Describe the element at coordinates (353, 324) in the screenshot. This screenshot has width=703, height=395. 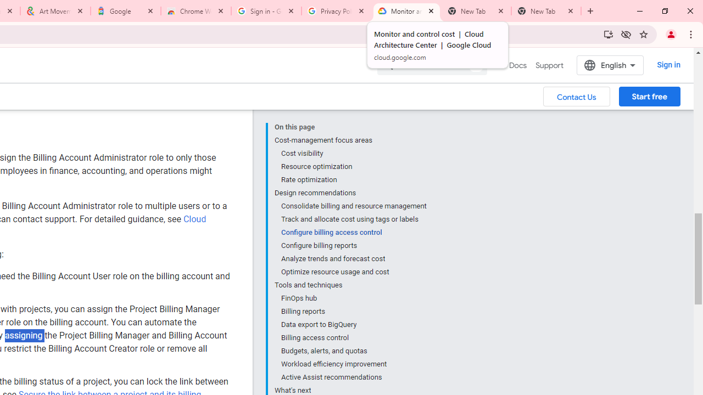
I see `'Data export to BigQuery'` at that location.